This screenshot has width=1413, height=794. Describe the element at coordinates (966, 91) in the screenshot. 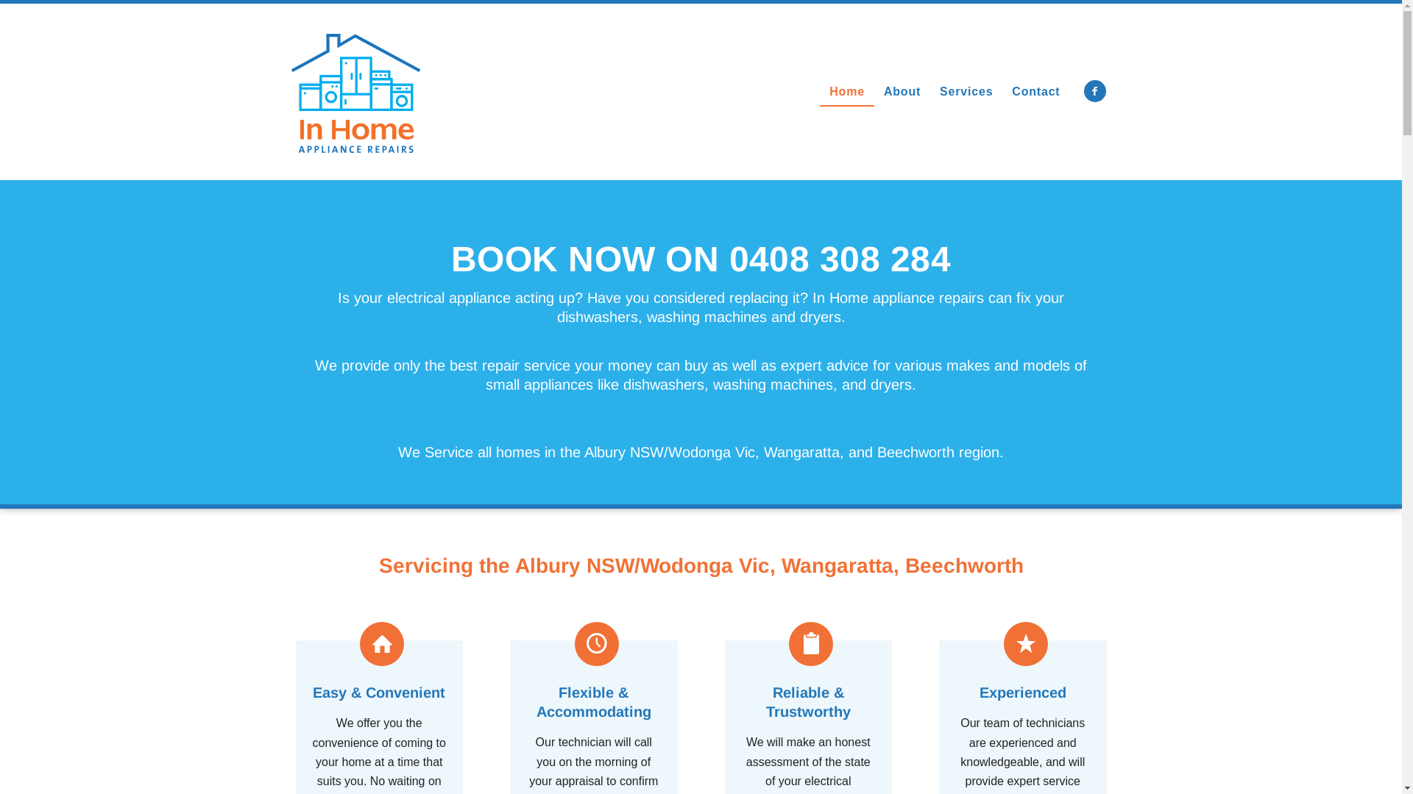

I see `'Services'` at that location.